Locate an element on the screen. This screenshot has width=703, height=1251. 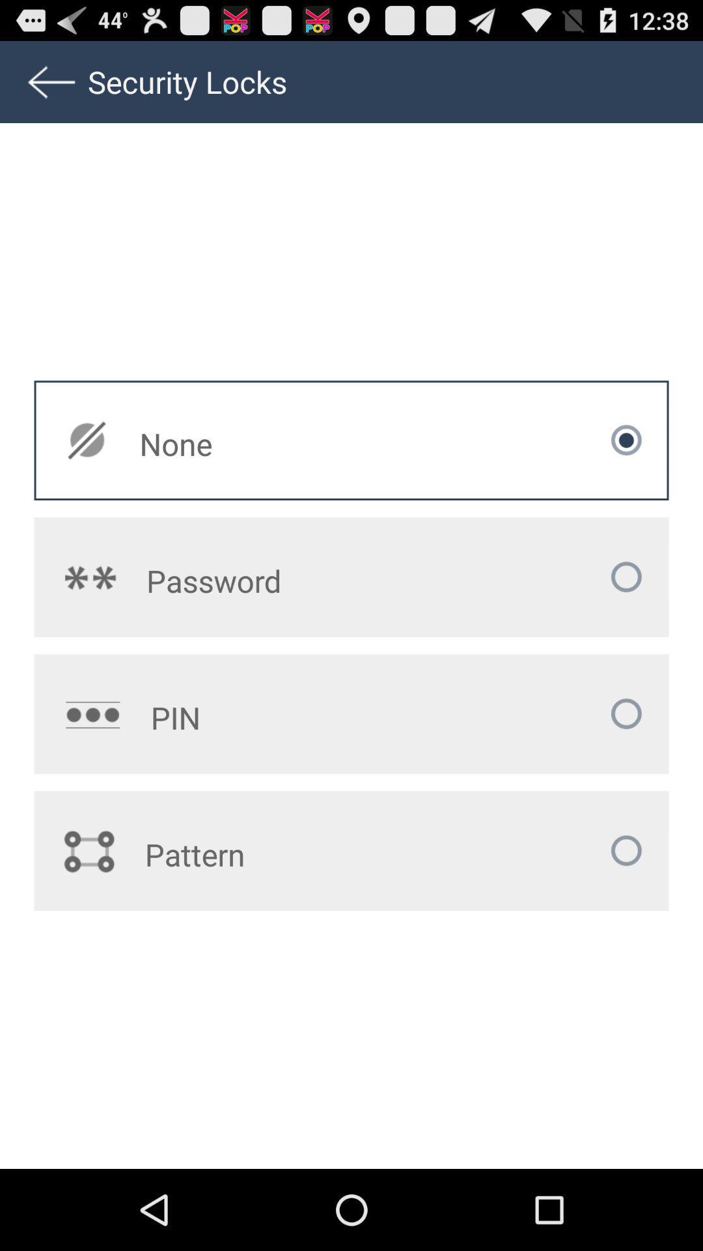
icon below the none app is located at coordinates (273, 580).